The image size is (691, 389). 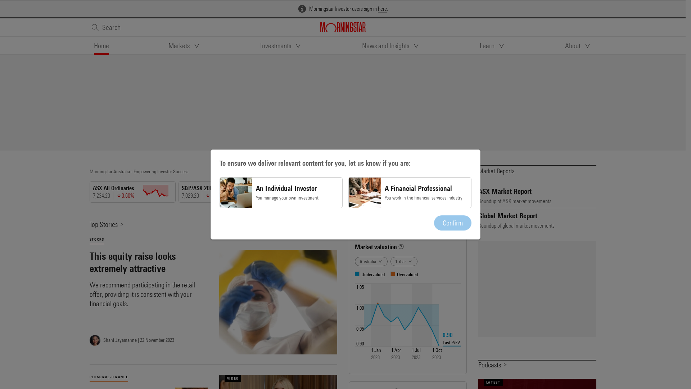 What do you see at coordinates (382, 9) in the screenshot?
I see `'here'` at bounding box center [382, 9].